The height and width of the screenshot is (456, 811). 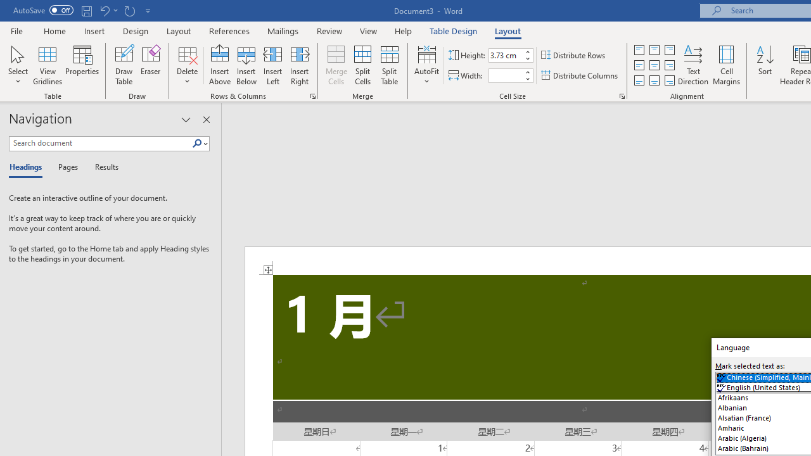 What do you see at coordinates (124, 65) in the screenshot?
I see `'Draw Table'` at bounding box center [124, 65].